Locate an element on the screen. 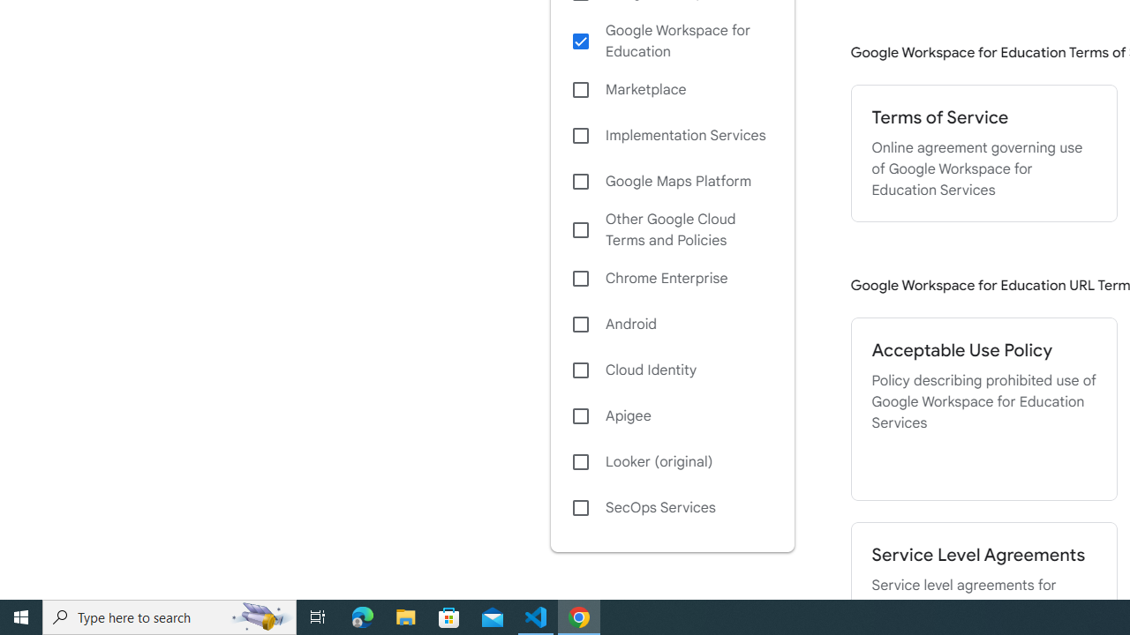 The width and height of the screenshot is (1130, 635). 'Chrome Enterprise' is located at coordinates (671, 278).